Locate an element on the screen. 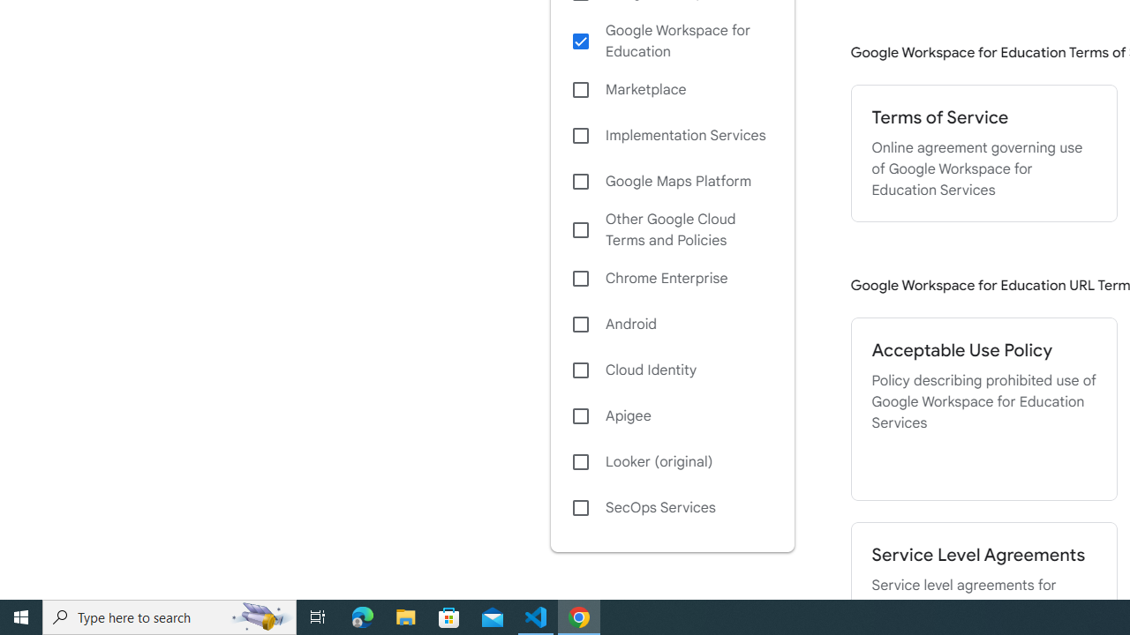 The width and height of the screenshot is (1130, 635). 'Chrome Enterprise' is located at coordinates (671, 278).